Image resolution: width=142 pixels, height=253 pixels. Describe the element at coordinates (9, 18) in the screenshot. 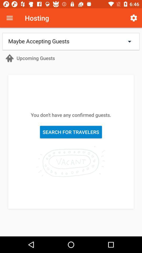

I see `menu` at that location.